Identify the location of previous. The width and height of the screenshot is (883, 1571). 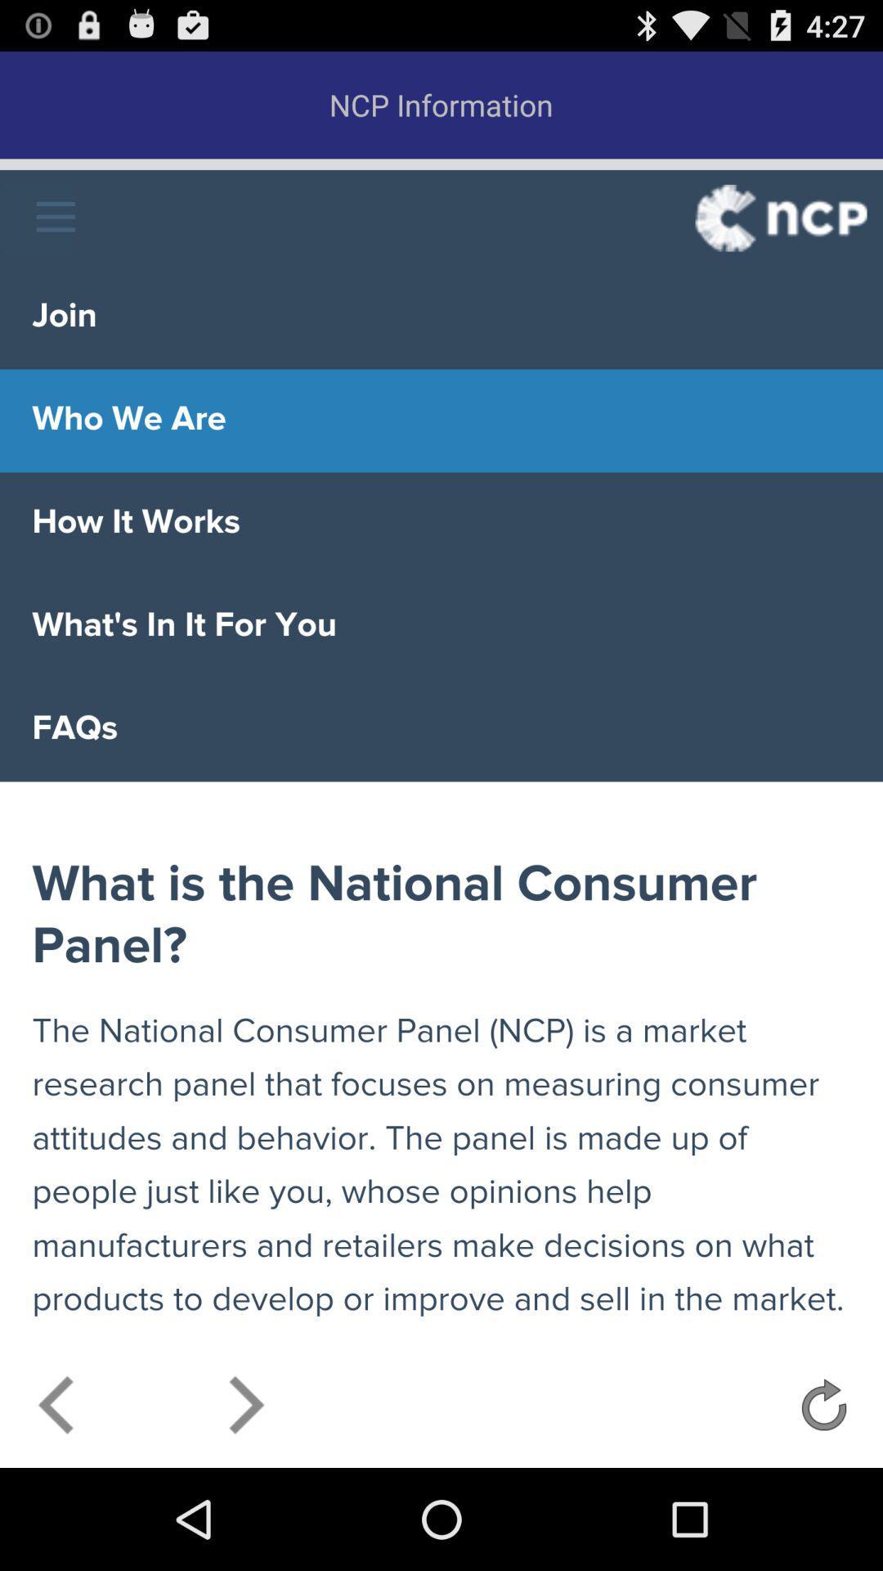
(56, 1409).